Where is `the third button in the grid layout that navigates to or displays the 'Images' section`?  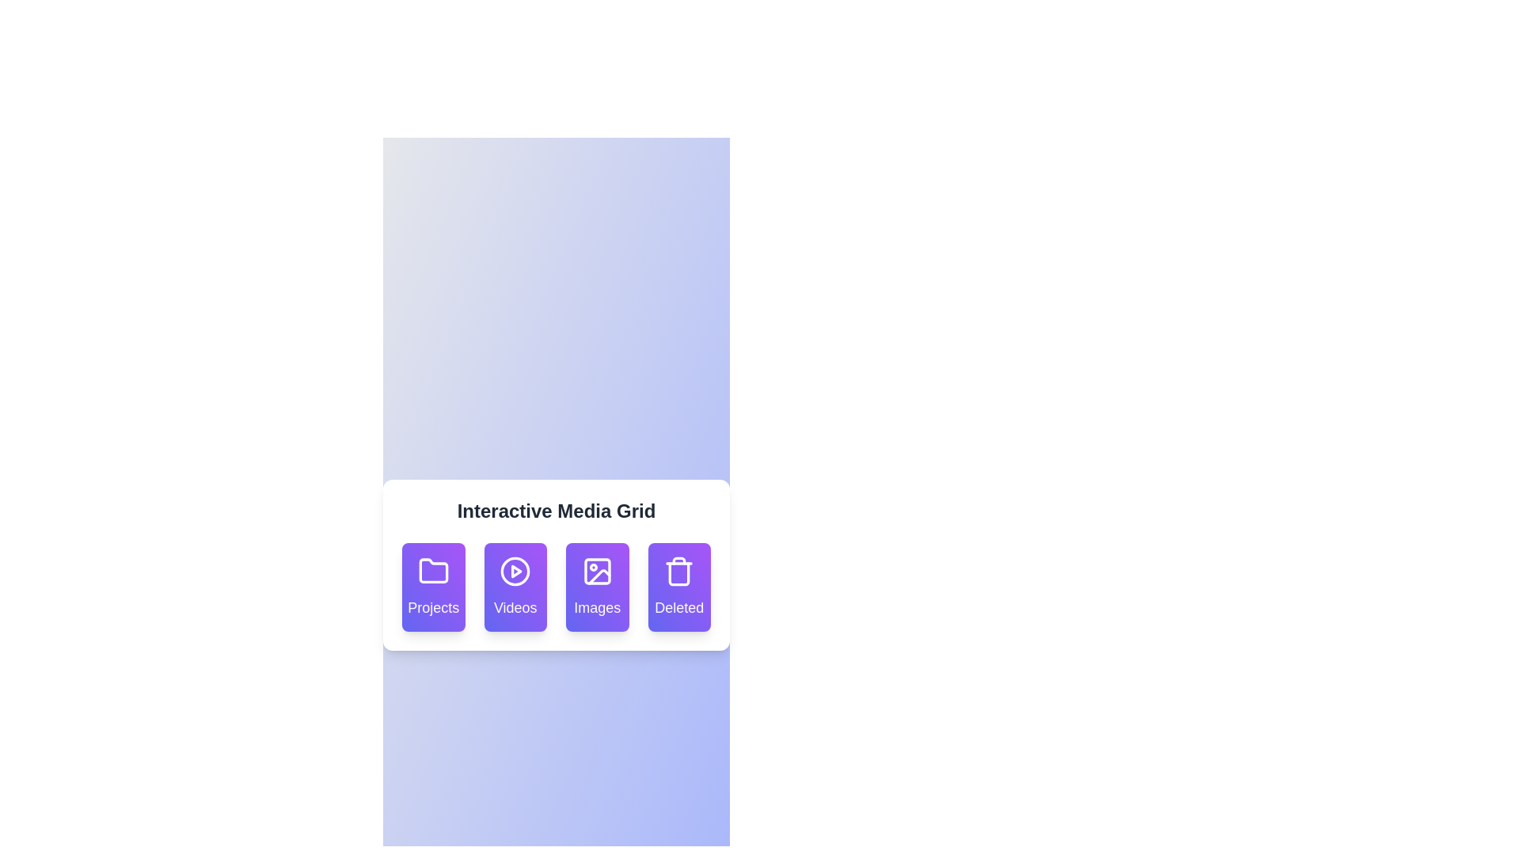 the third button in the grid layout that navigates to or displays the 'Images' section is located at coordinates (596, 587).